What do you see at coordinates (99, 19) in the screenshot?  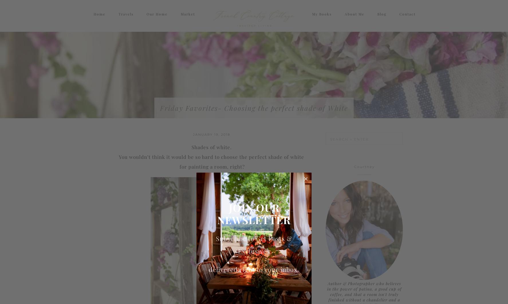 I see `'Home'` at bounding box center [99, 19].